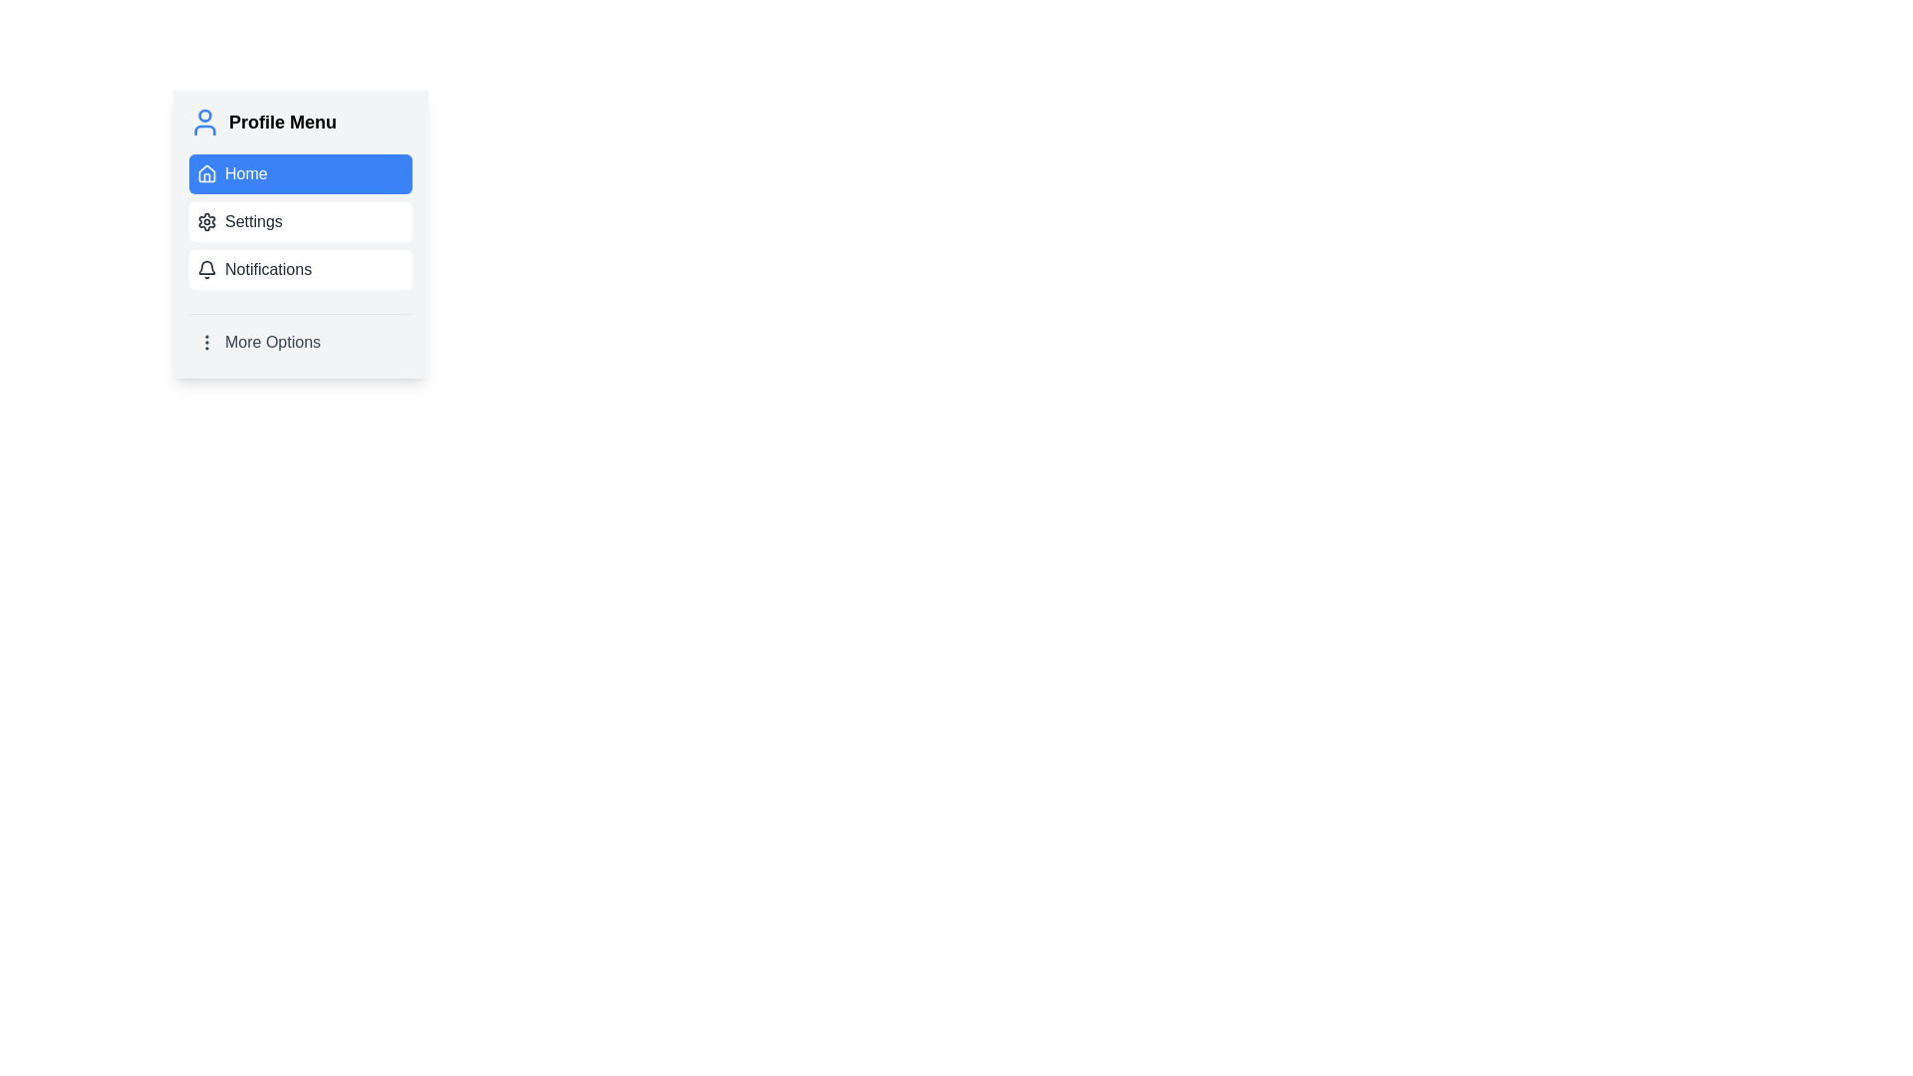  What do you see at coordinates (206, 266) in the screenshot?
I see `the bell icon indicating the Notifications menu option located to the left of the 'Notifications' text in the Profile Menu` at bounding box center [206, 266].